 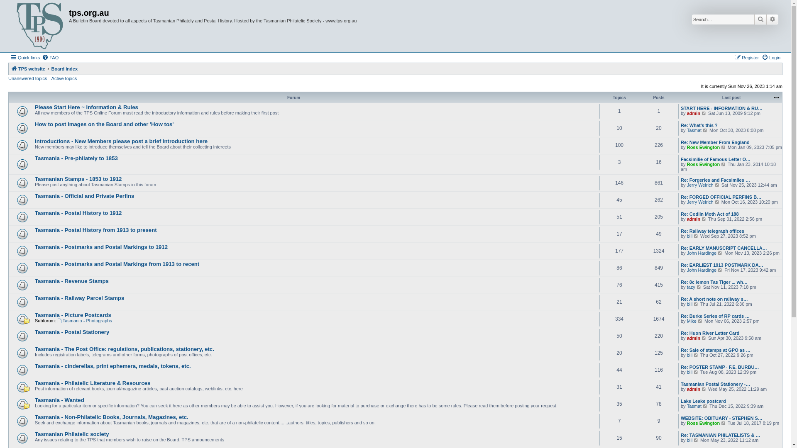 I want to click on 'Active topics', so click(x=51, y=78).